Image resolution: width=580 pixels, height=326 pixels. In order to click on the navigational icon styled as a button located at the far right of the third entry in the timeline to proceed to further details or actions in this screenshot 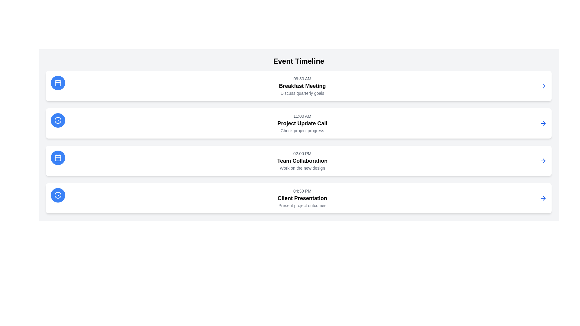, I will do `click(543, 160)`.